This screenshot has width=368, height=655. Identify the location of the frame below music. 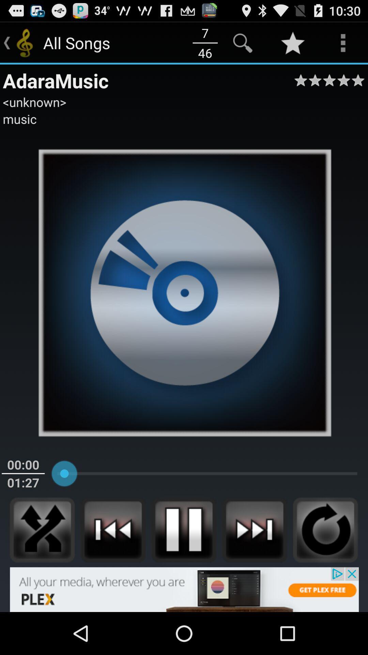
(184, 292).